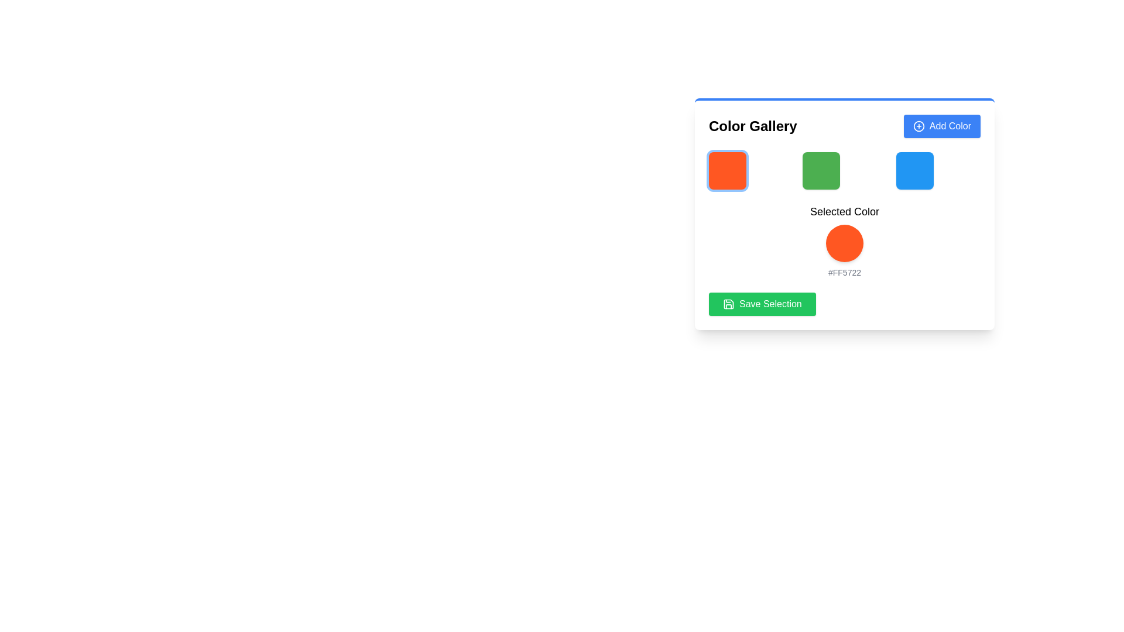 This screenshot has width=1124, height=632. What do you see at coordinates (918, 126) in the screenshot?
I see `the indicative icon for adding a new color located to the left of the 'Add Color' text in the button at the top-right corner of the rectangular card` at bounding box center [918, 126].